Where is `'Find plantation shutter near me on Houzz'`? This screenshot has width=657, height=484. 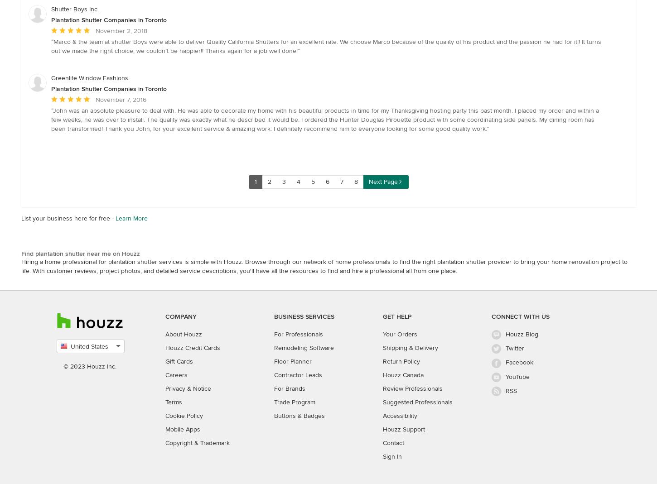 'Find plantation shutter near me on Houzz' is located at coordinates (80, 253).